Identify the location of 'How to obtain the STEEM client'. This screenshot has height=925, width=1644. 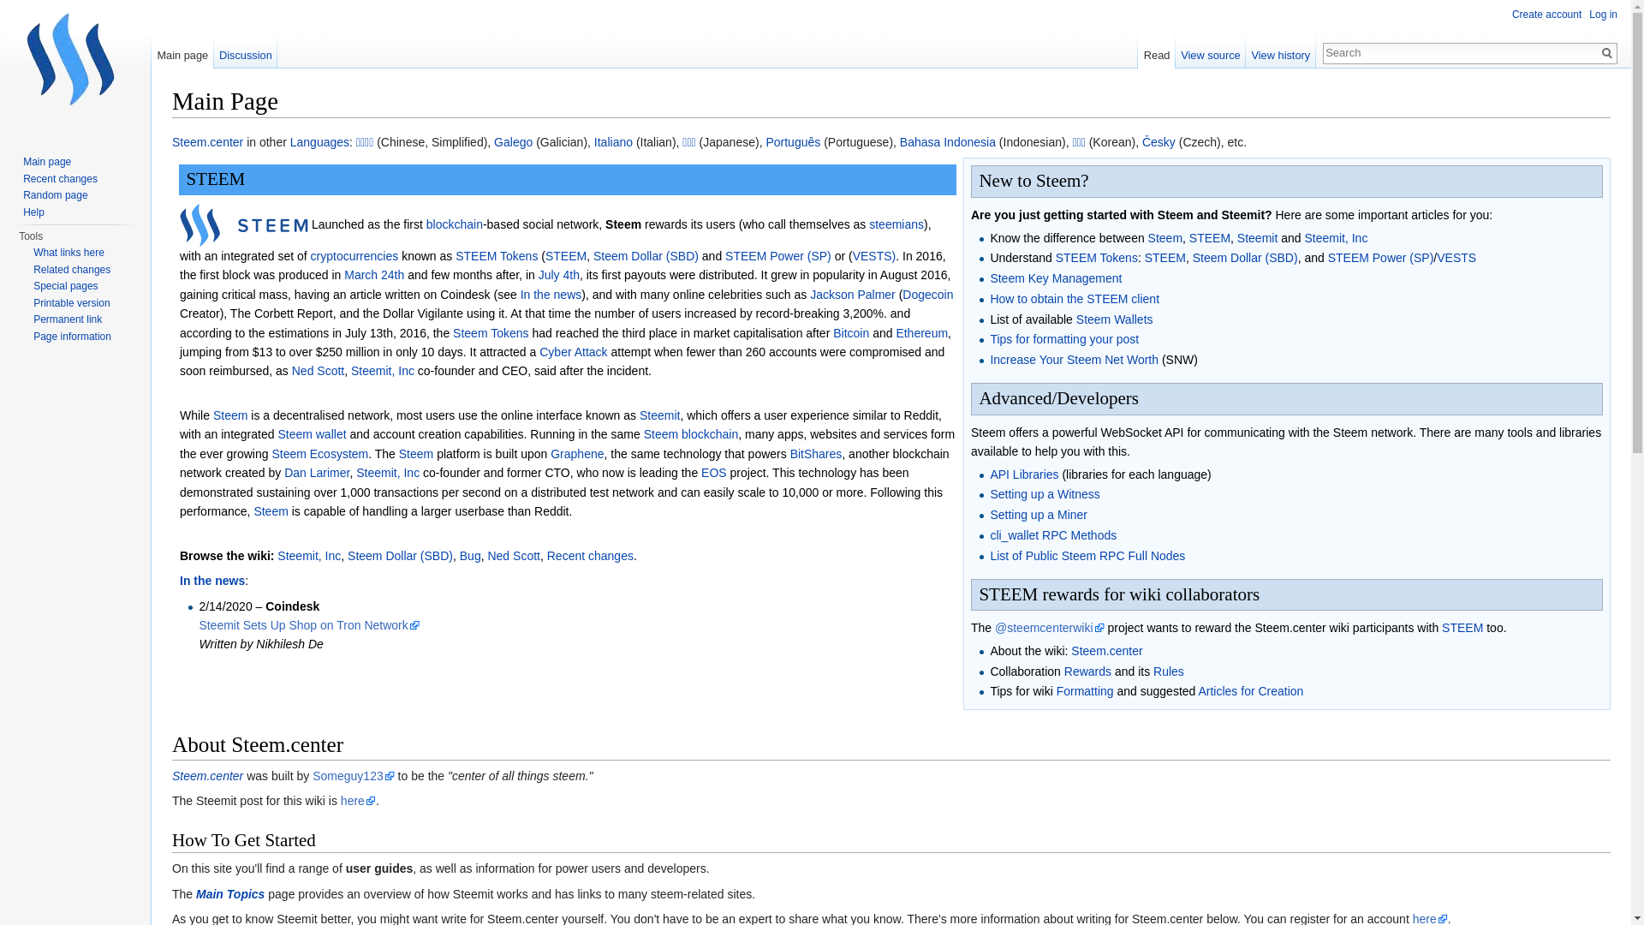
(1073, 297).